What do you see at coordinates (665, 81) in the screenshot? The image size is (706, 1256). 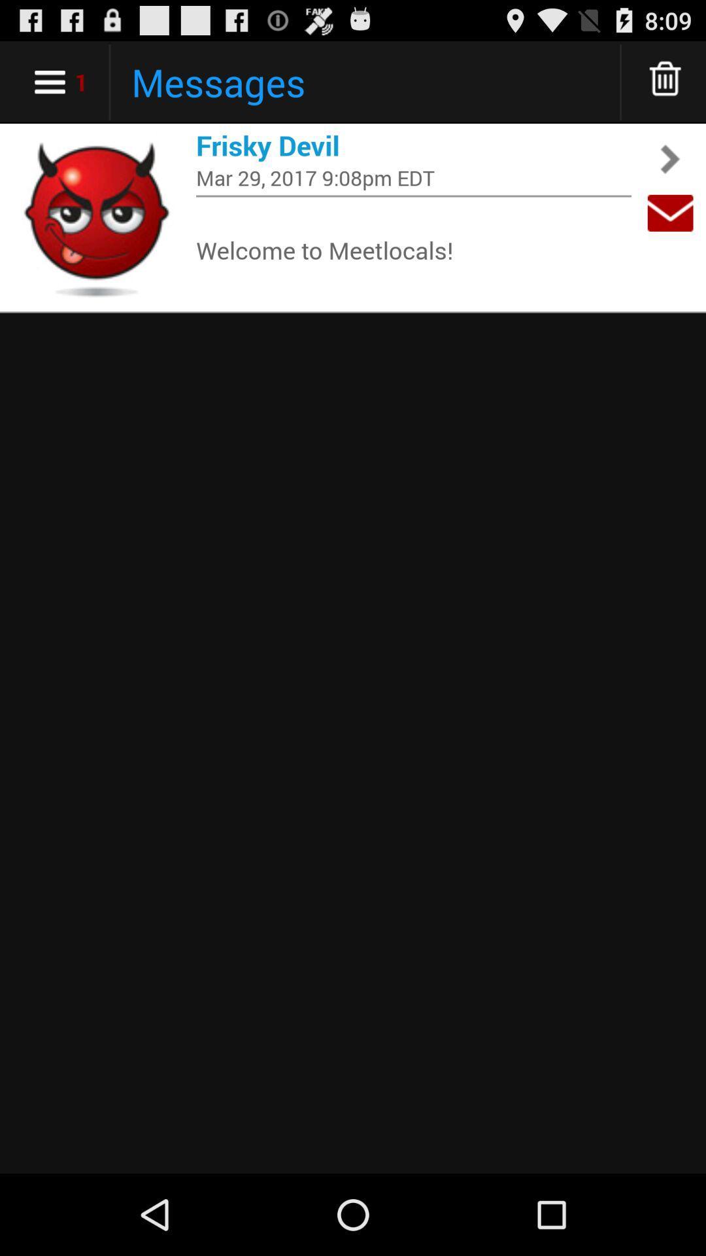 I see `delete this message` at bounding box center [665, 81].